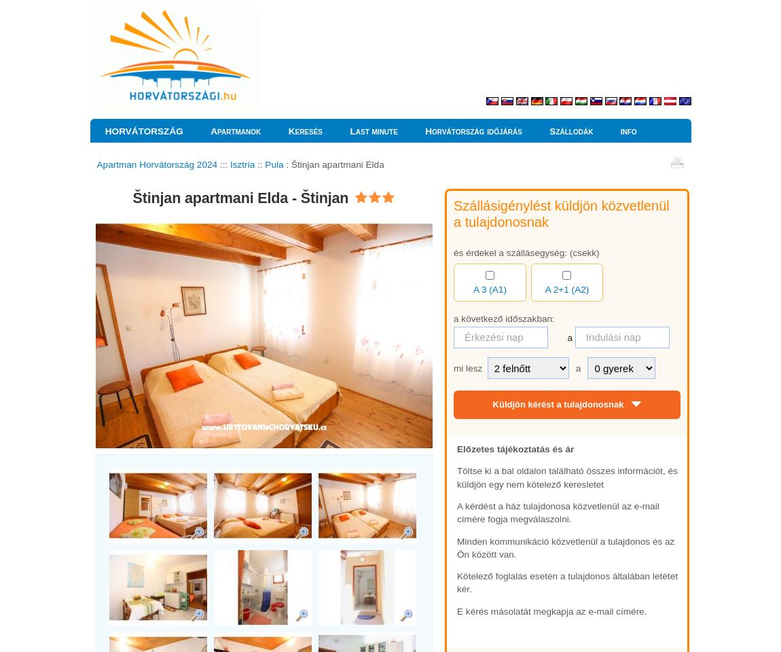  I want to click on 'Előzetes tájékoztatás és ár', so click(515, 448).